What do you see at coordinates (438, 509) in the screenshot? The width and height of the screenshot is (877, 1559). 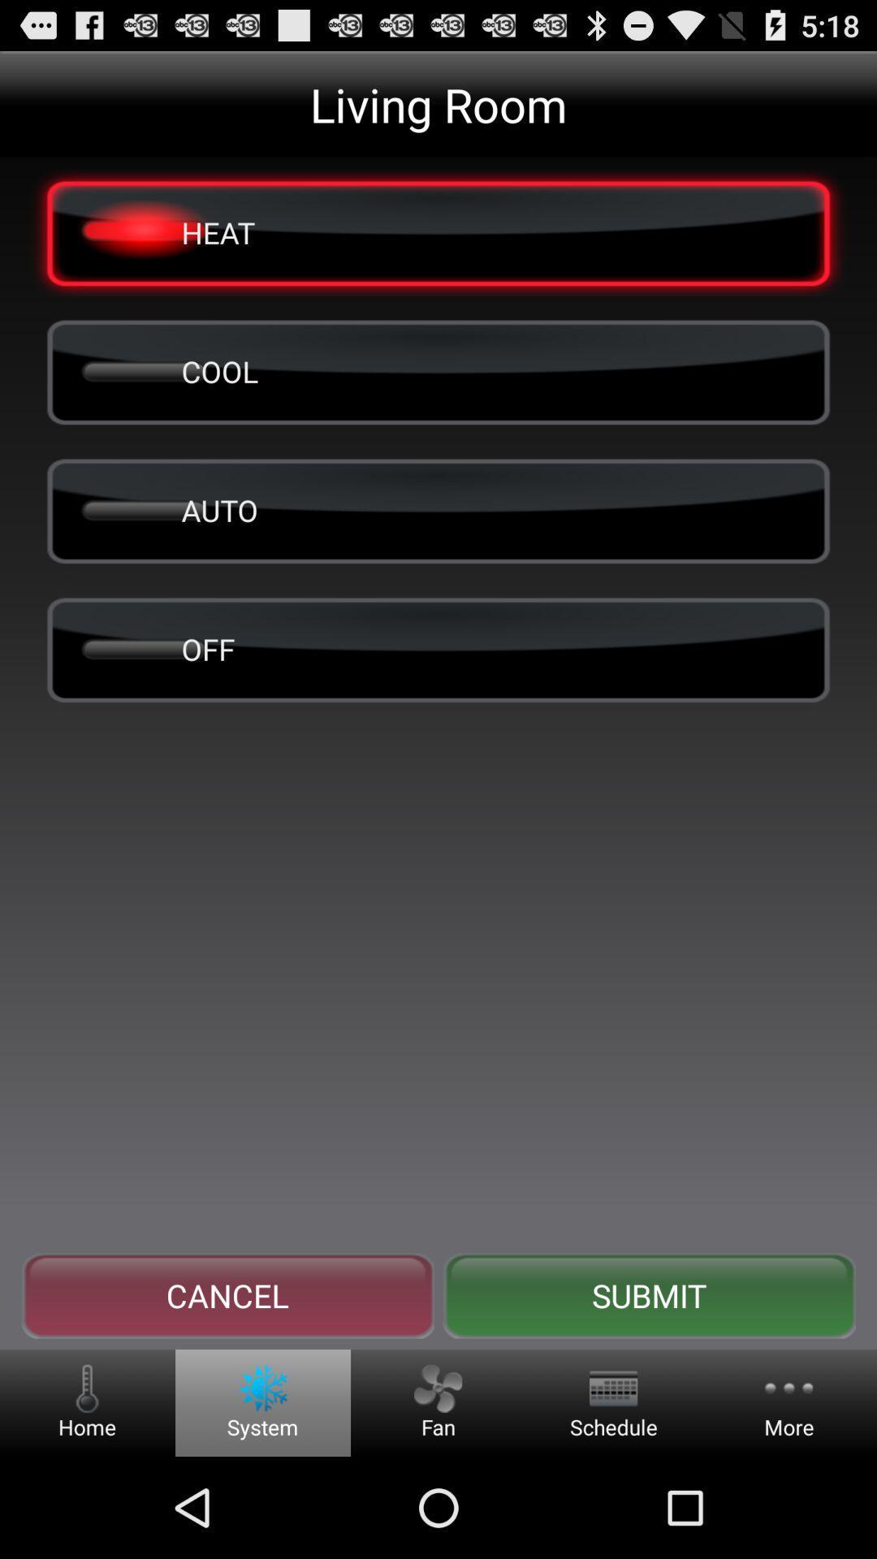 I see `the button above off icon` at bounding box center [438, 509].